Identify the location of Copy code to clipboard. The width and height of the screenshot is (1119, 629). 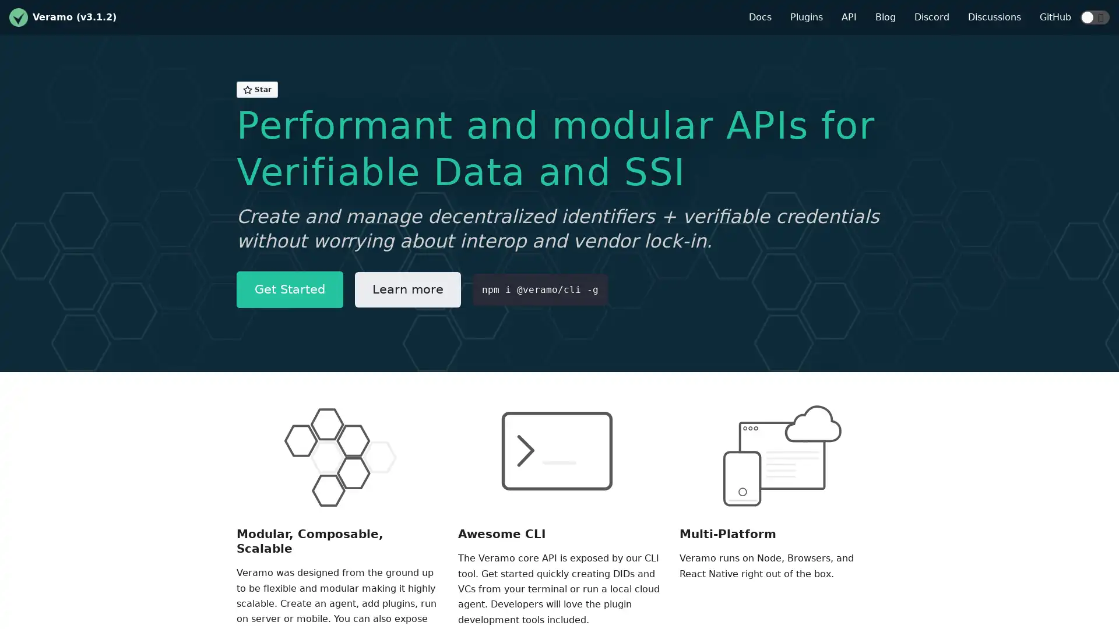
(589, 285).